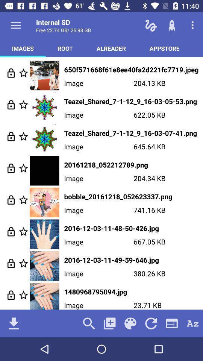  What do you see at coordinates (11, 168) in the screenshot?
I see `lock in your selection` at bounding box center [11, 168].